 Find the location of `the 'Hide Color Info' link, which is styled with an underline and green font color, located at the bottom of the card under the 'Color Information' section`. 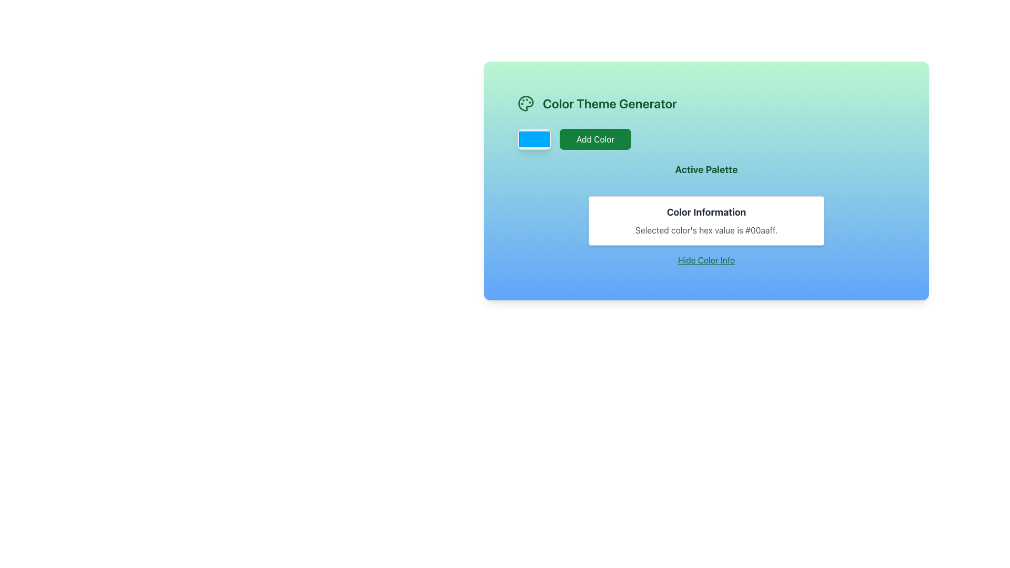

the 'Hide Color Info' link, which is styled with an underline and green font color, located at the bottom of the card under the 'Color Information' section is located at coordinates (706, 260).